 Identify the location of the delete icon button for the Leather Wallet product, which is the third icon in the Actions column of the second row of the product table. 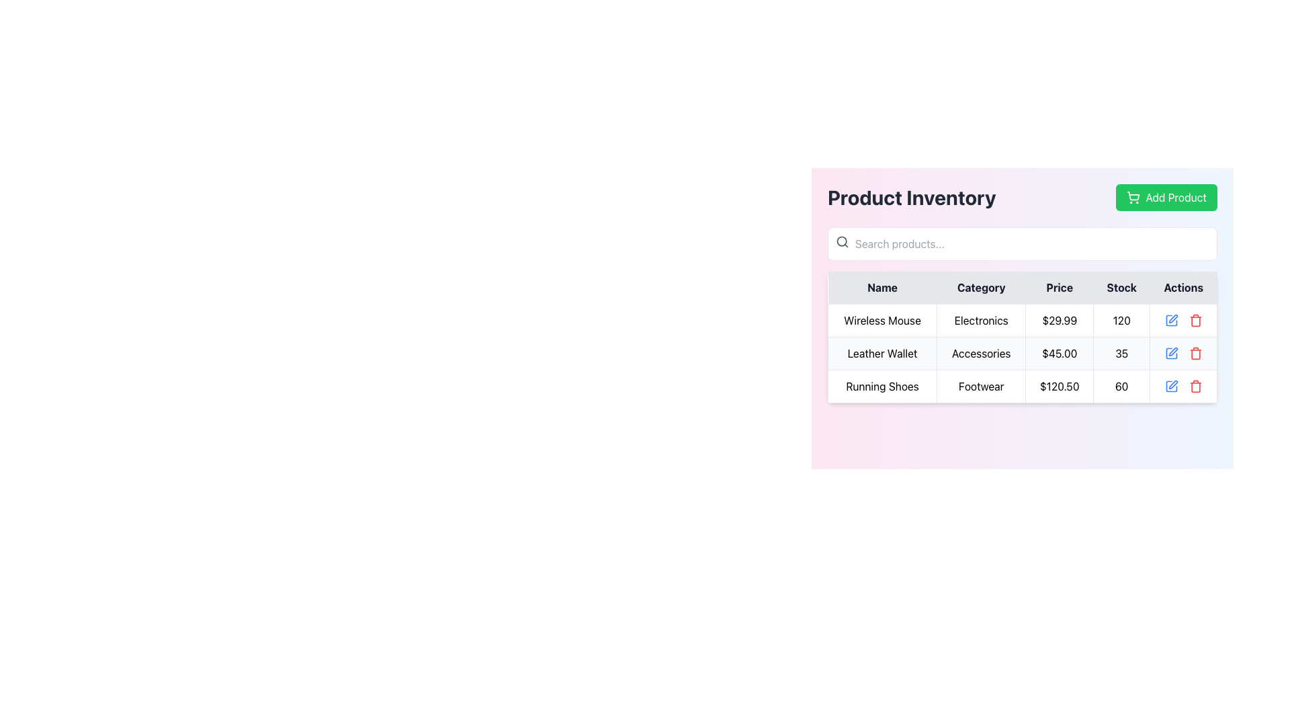
(1195, 352).